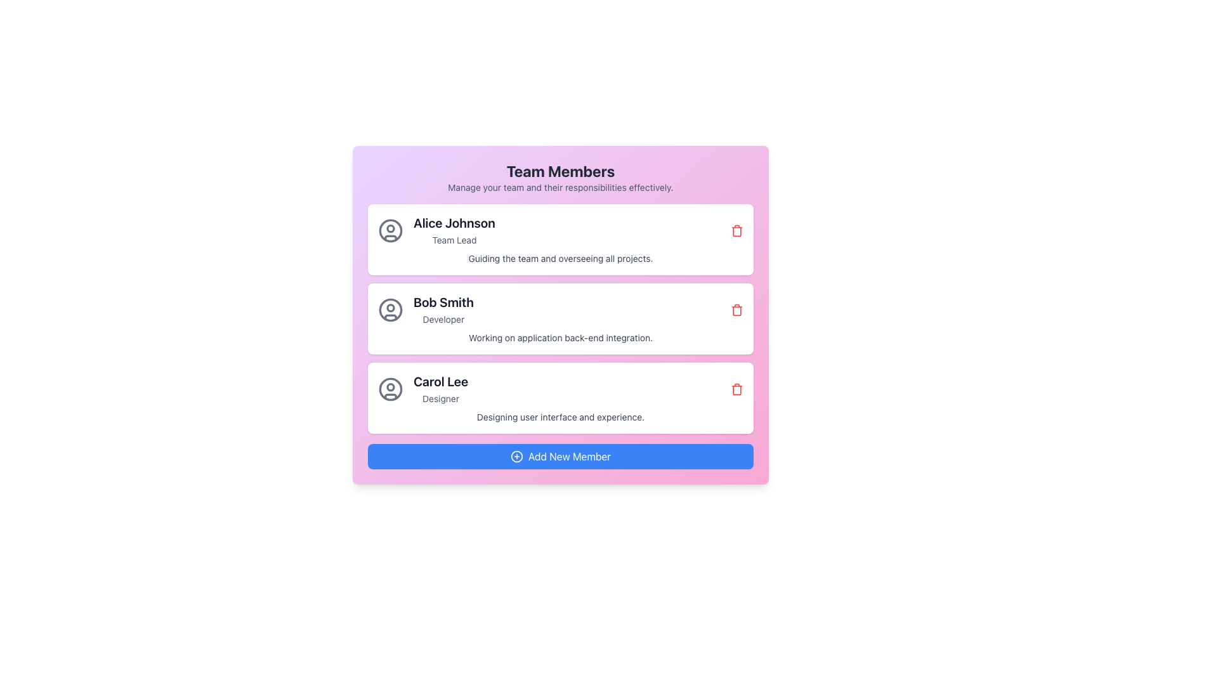  Describe the element at coordinates (436, 230) in the screenshot. I see `the details of the Profile Summary Item for 'Alice Johnson', Team Lead, located in the topmost row of the team members list` at that location.